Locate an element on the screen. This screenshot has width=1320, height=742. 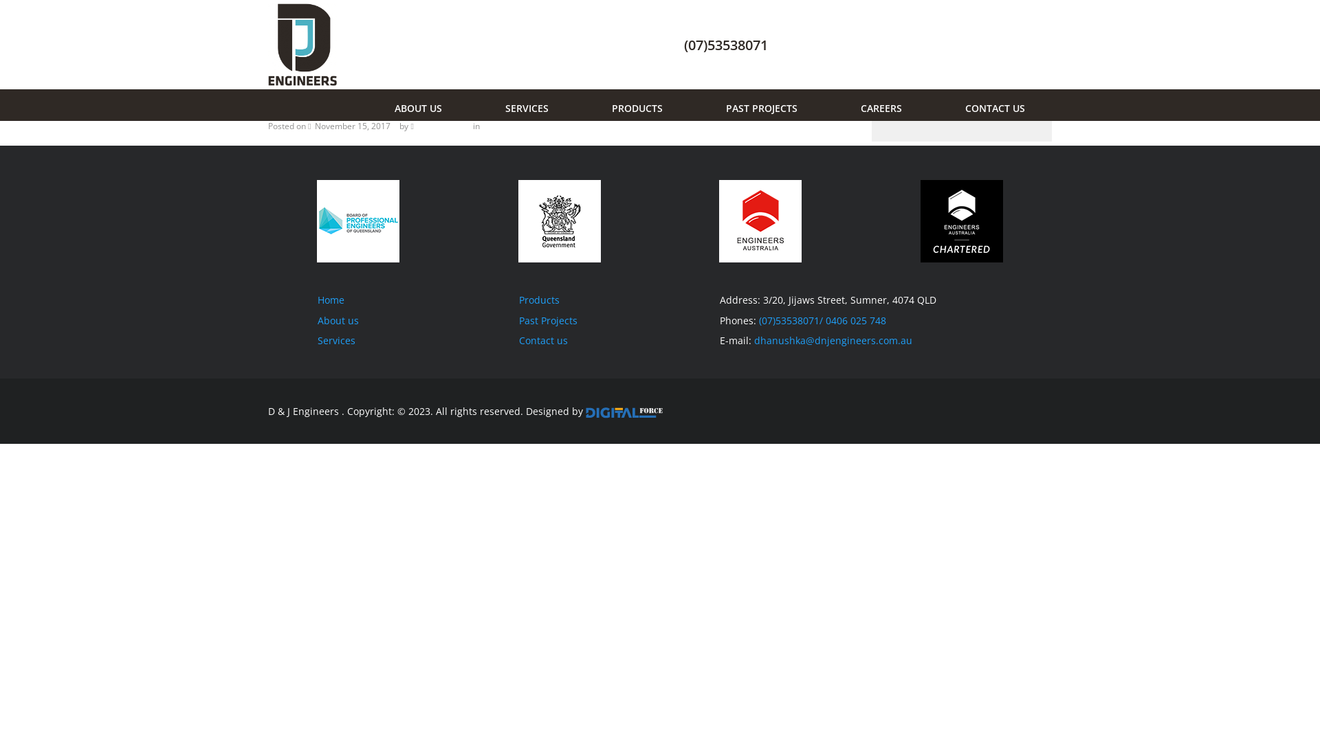
'ABOUT US' is located at coordinates (387, 104).